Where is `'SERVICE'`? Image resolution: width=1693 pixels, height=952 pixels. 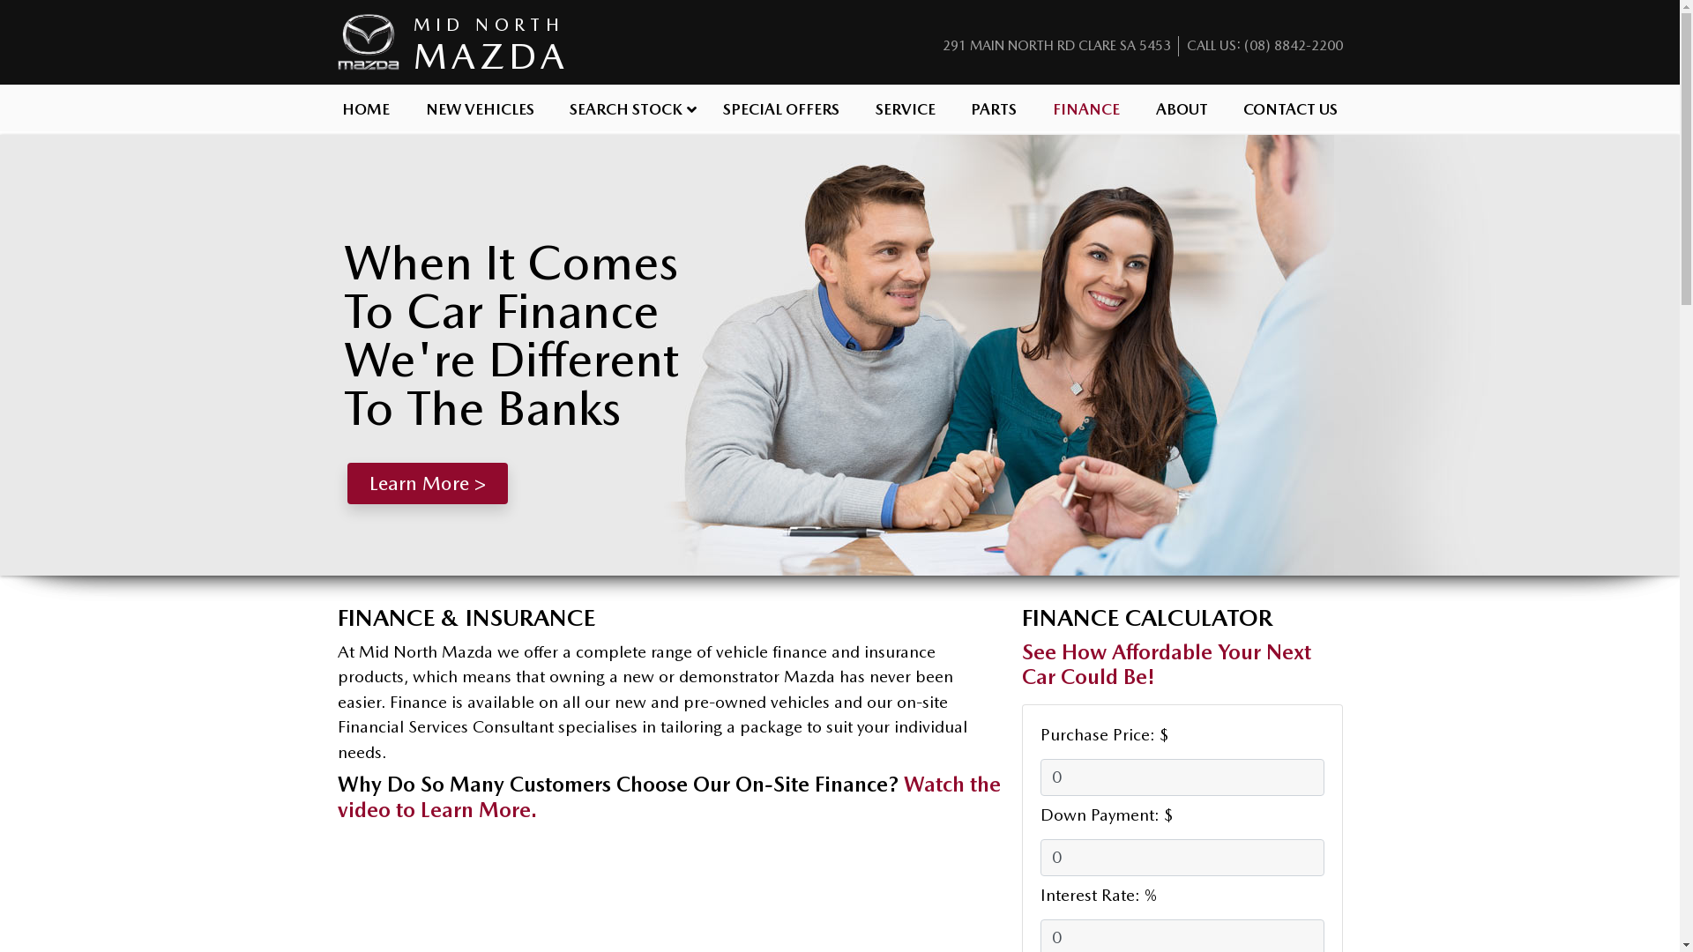 'SERVICE' is located at coordinates (905, 108).